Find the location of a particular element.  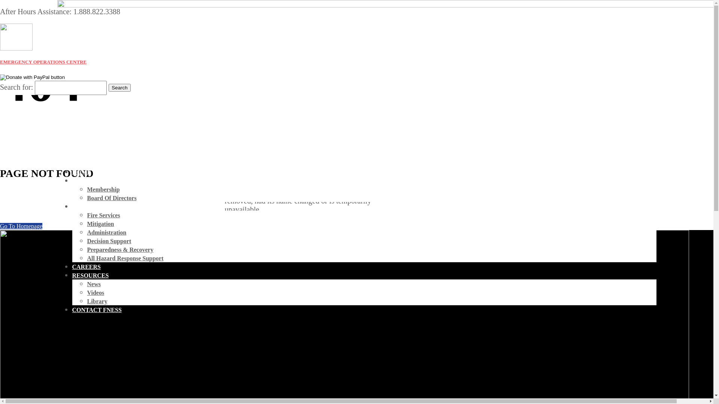

'ABOUT' is located at coordinates (72, 181).